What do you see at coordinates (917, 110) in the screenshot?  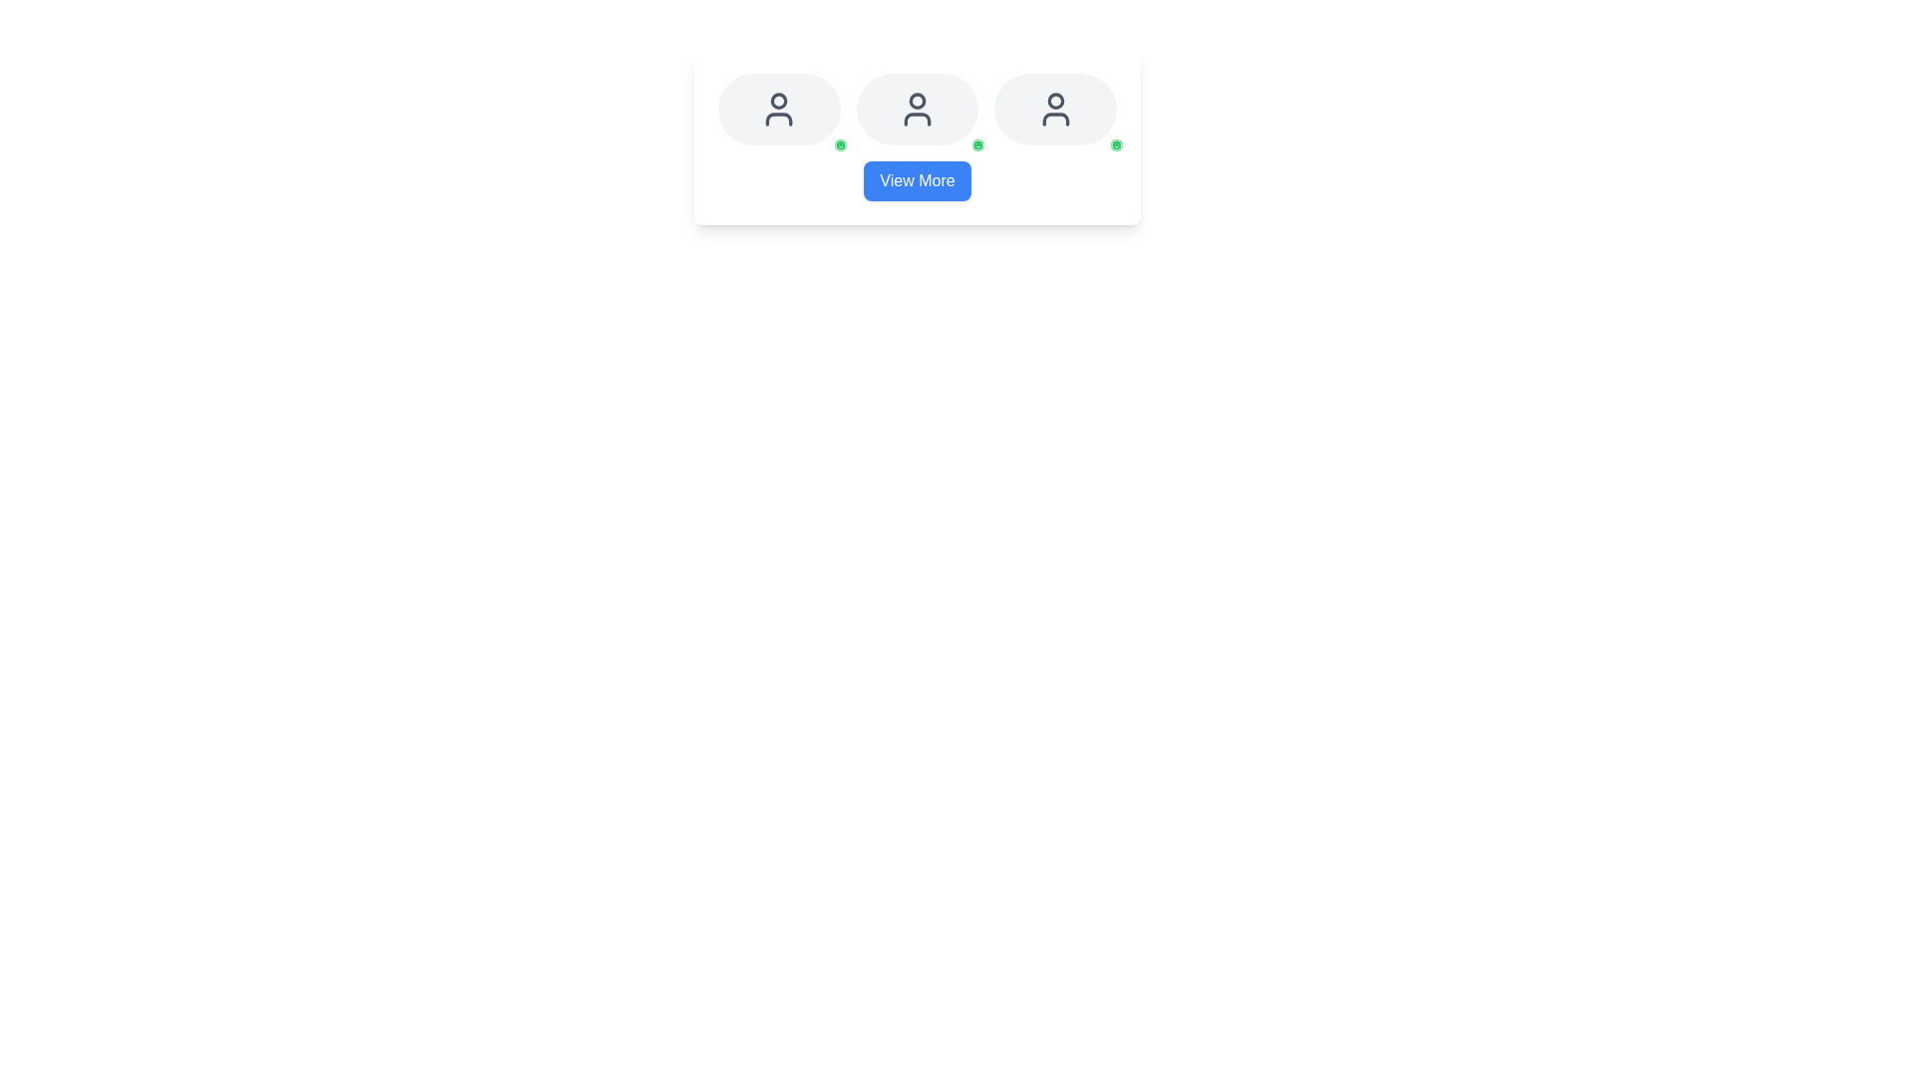 I see `the User profile icon with a status indicator, which is a circular badge with a light gray background and a centered gray user profile icon, featuring a small green dot with a smiley at the bottom-right corner` at bounding box center [917, 110].